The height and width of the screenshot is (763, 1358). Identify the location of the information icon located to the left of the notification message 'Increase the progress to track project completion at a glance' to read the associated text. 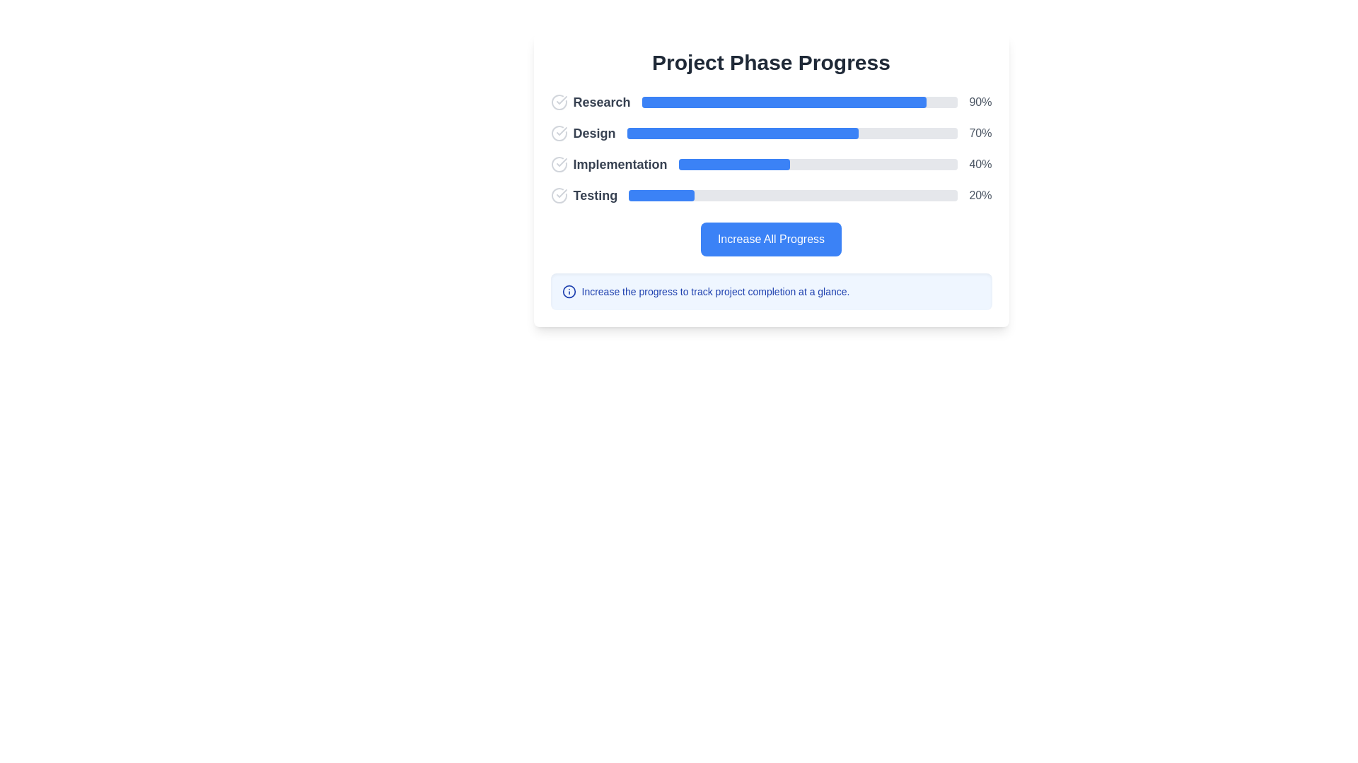
(569, 290).